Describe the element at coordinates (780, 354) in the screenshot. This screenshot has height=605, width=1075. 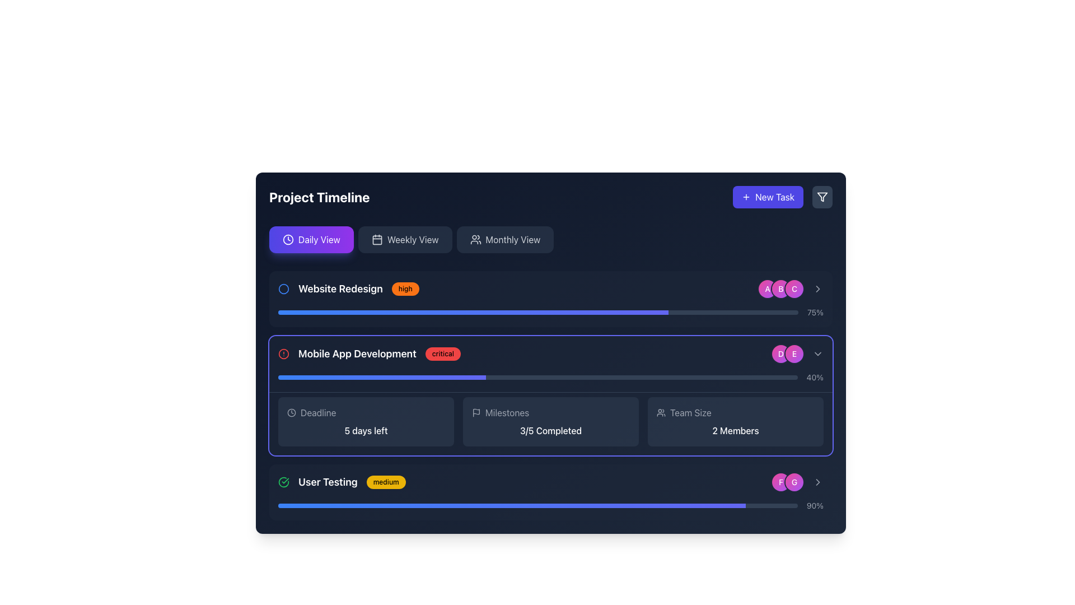
I see `the first circular badge in the 'Mobile App Development' section` at that location.